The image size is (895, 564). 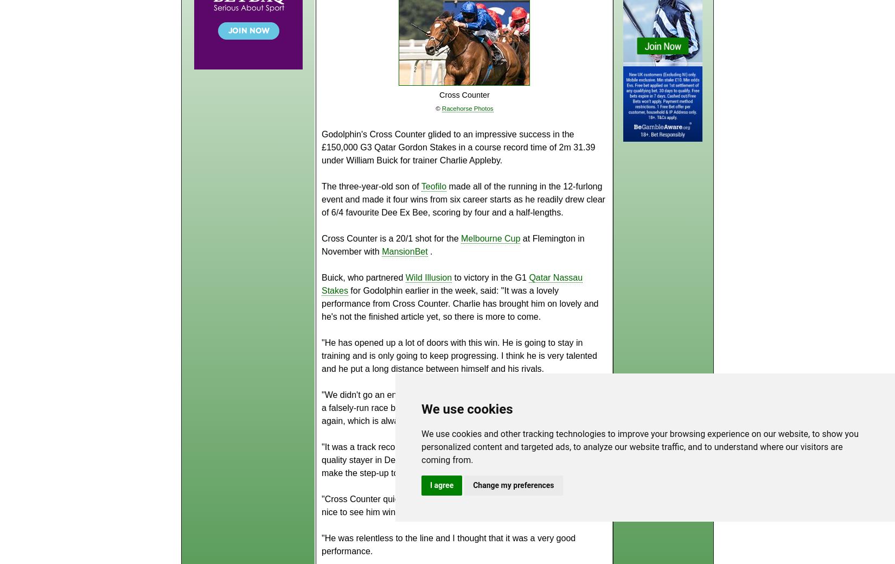 I want to click on '"He has opened up a lot of doors with this win. He is going to stay in training and is only going to keep progressing. I think he is very talented and he put a long distance between himself and his rivals.', so click(x=321, y=356).